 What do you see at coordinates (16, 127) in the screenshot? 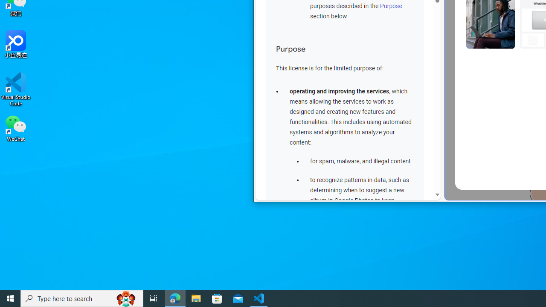
I see `'WeChat'` at bounding box center [16, 127].